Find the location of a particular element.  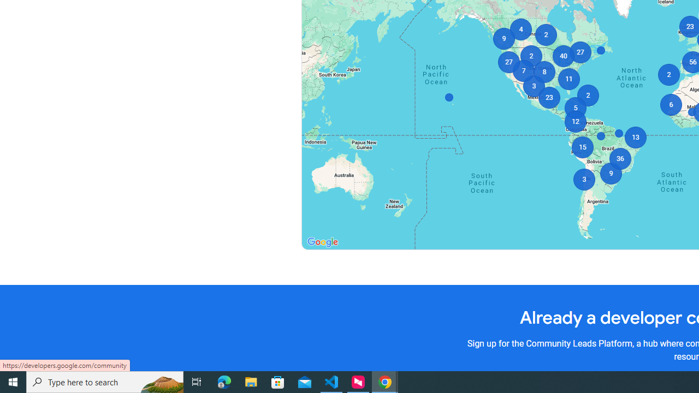

'9' is located at coordinates (503, 38).